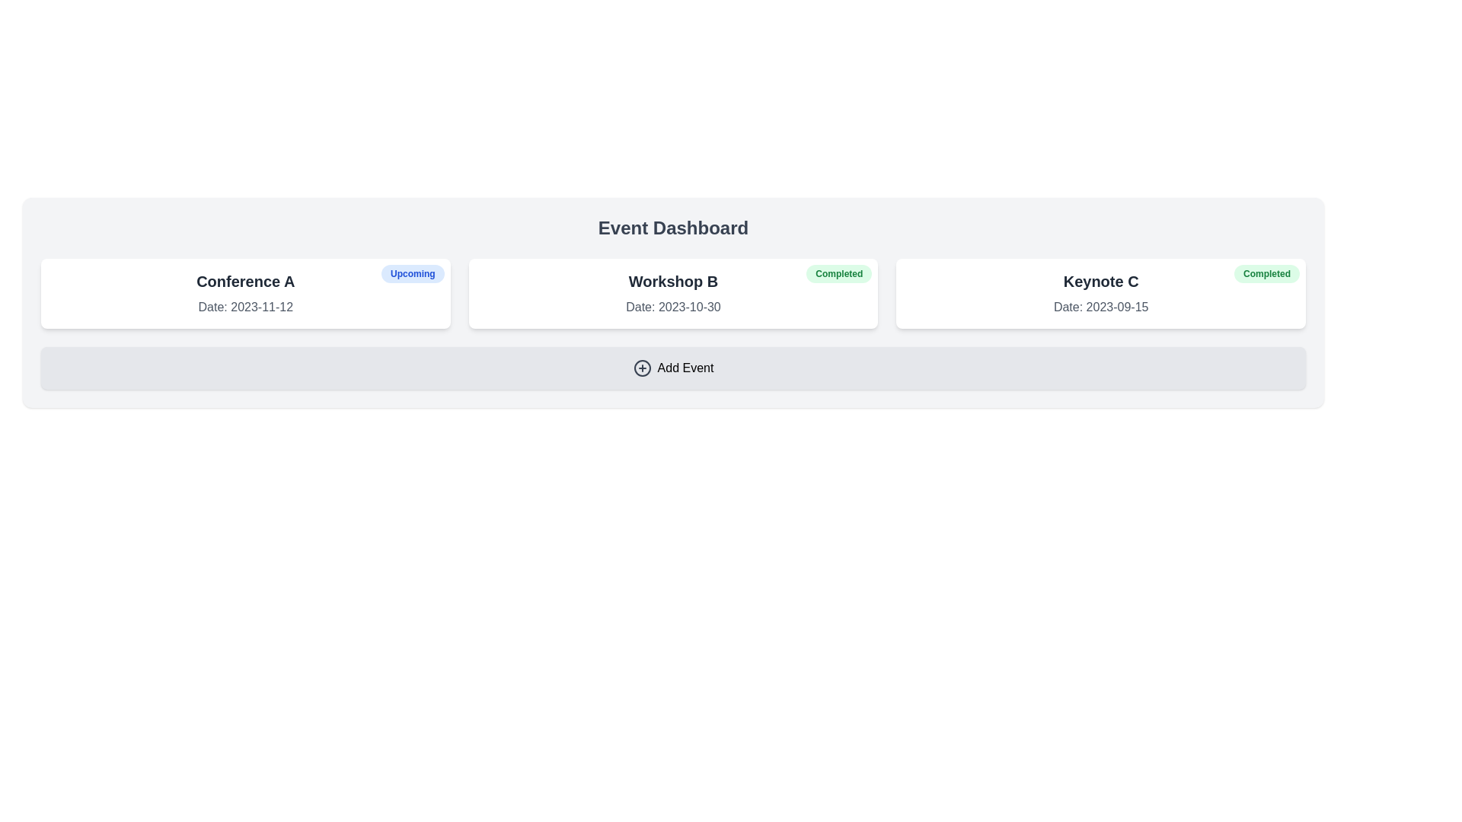 This screenshot has height=822, width=1462. What do you see at coordinates (1267, 272) in the screenshot?
I see `the 'Completed' status label styled in bold green font at the top-right corner of the 'Keynote C' event card` at bounding box center [1267, 272].